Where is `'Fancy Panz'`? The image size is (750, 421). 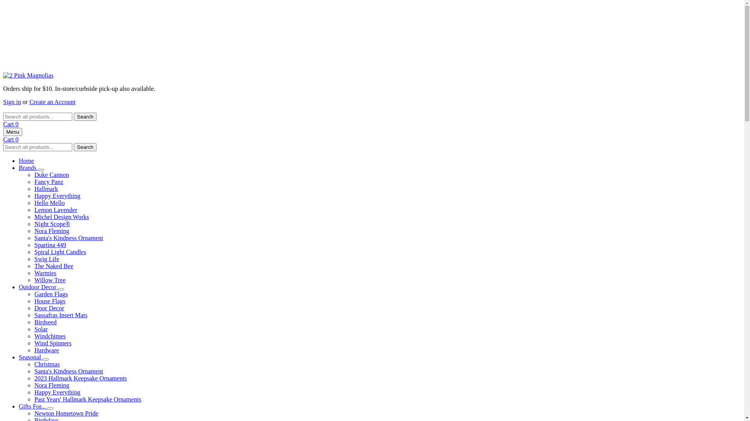 'Fancy Panz' is located at coordinates (48, 182).